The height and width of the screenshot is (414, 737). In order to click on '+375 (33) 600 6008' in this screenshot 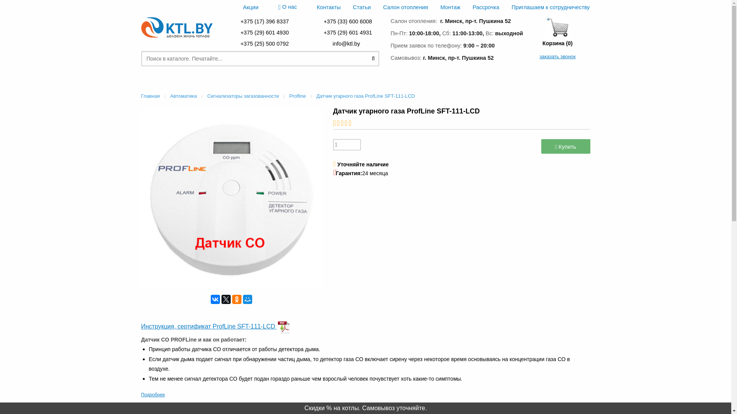, I will do `click(347, 21)`.